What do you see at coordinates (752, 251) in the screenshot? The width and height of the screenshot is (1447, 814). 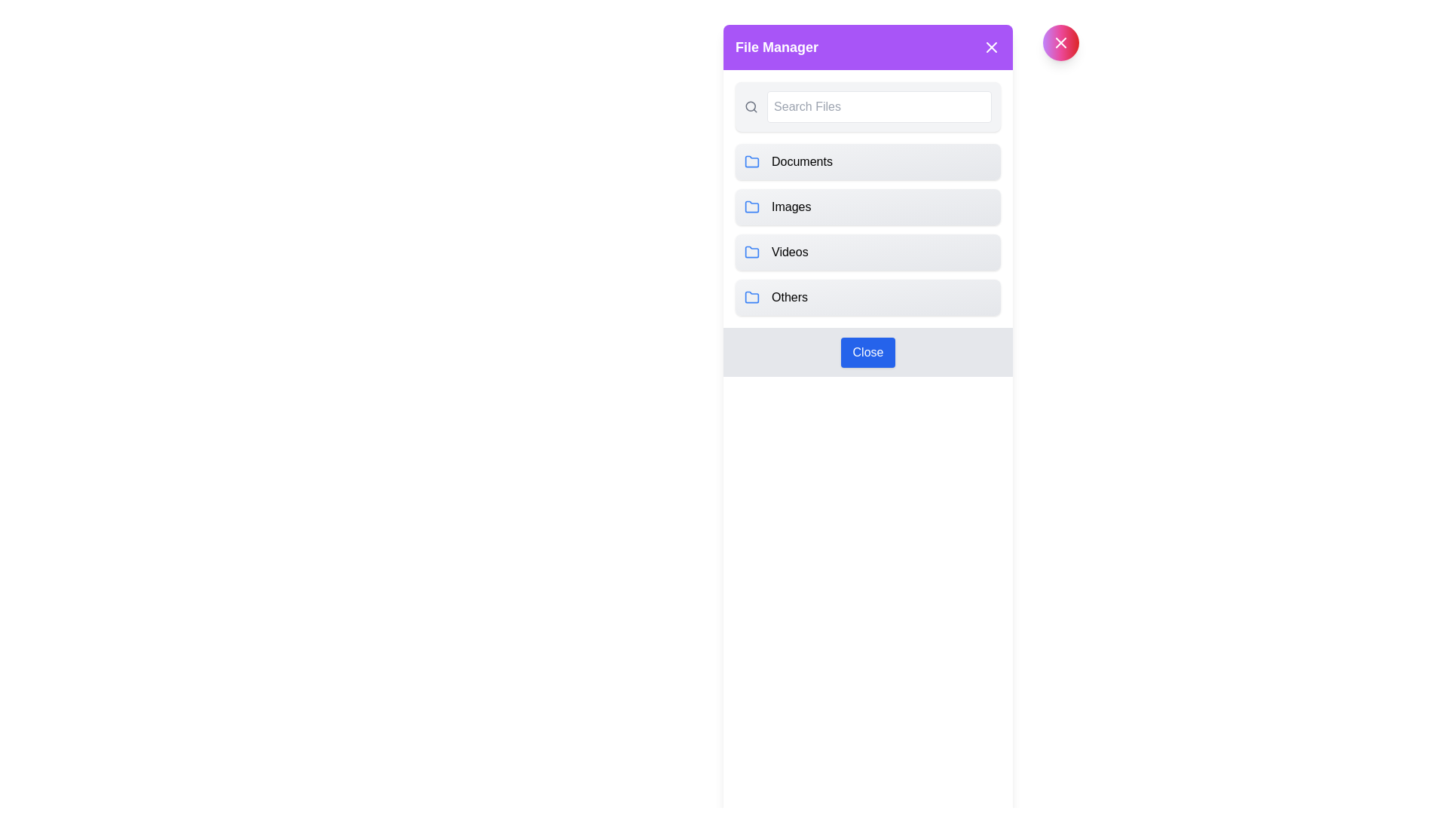 I see `the third folder icon labeled 'Videos', which is located next to the 'Videos' label within a vertical list of icons` at bounding box center [752, 251].